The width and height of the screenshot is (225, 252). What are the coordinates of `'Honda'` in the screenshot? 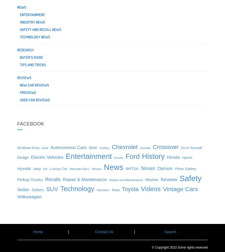 It's located at (173, 157).